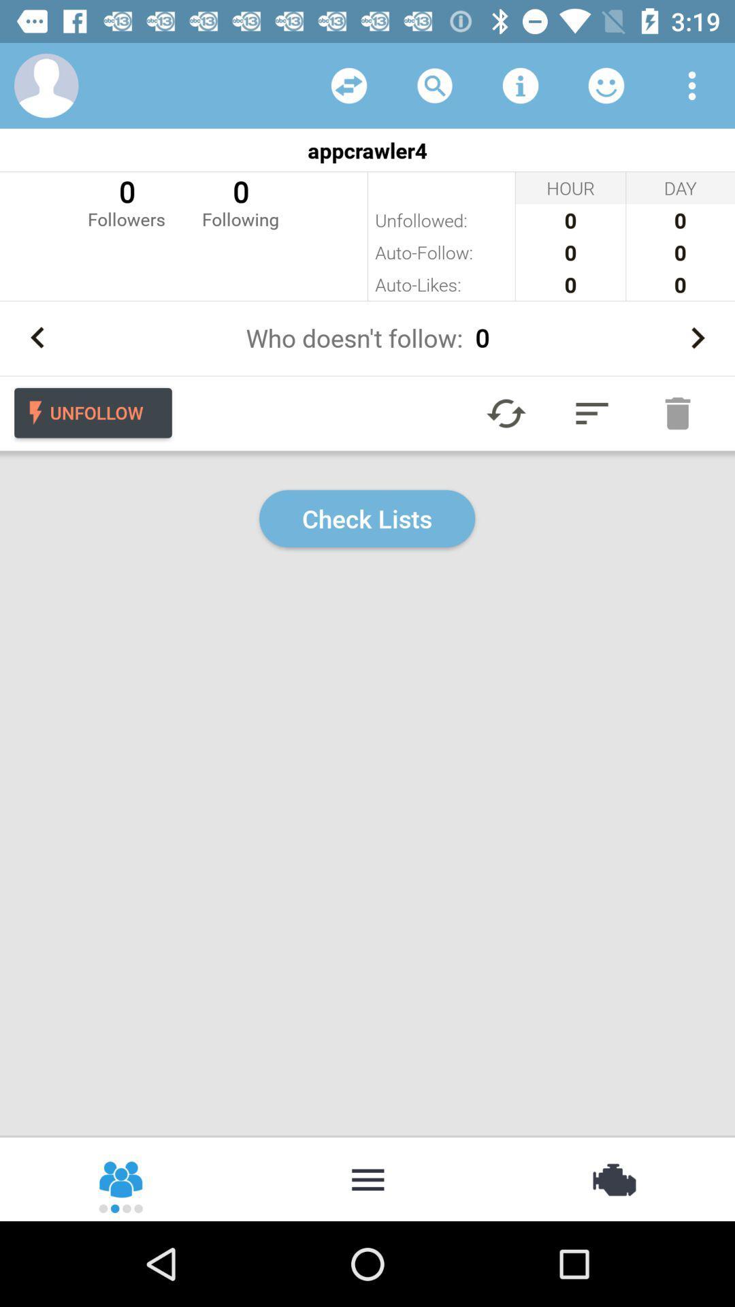  What do you see at coordinates (348, 84) in the screenshot?
I see `see other page` at bounding box center [348, 84].